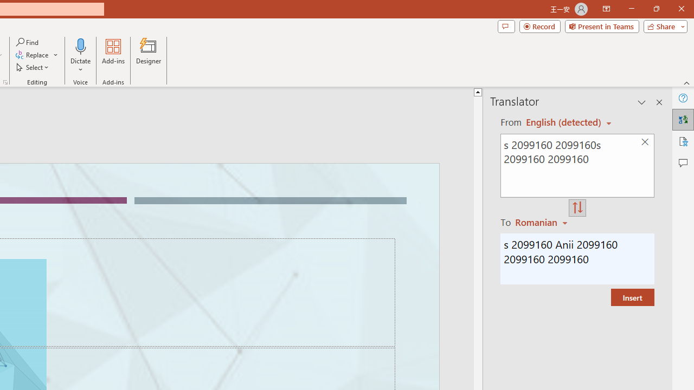 The height and width of the screenshot is (390, 694). Describe the element at coordinates (543, 222) in the screenshot. I see `'Czech'` at that location.